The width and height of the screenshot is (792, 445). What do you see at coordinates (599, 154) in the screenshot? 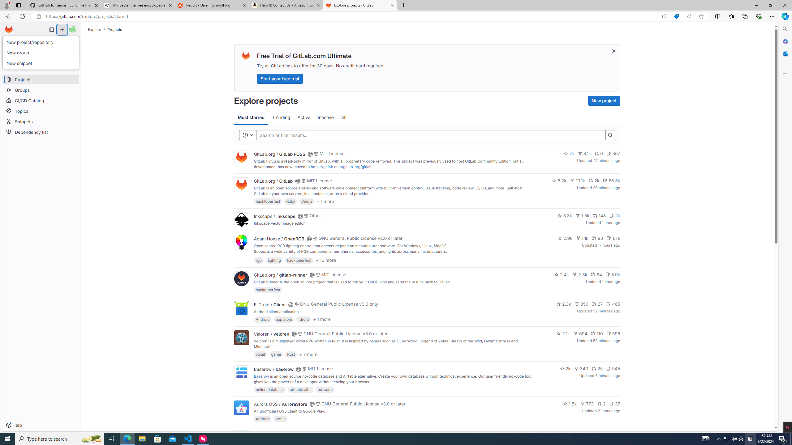
I see `'0'` at bounding box center [599, 154].